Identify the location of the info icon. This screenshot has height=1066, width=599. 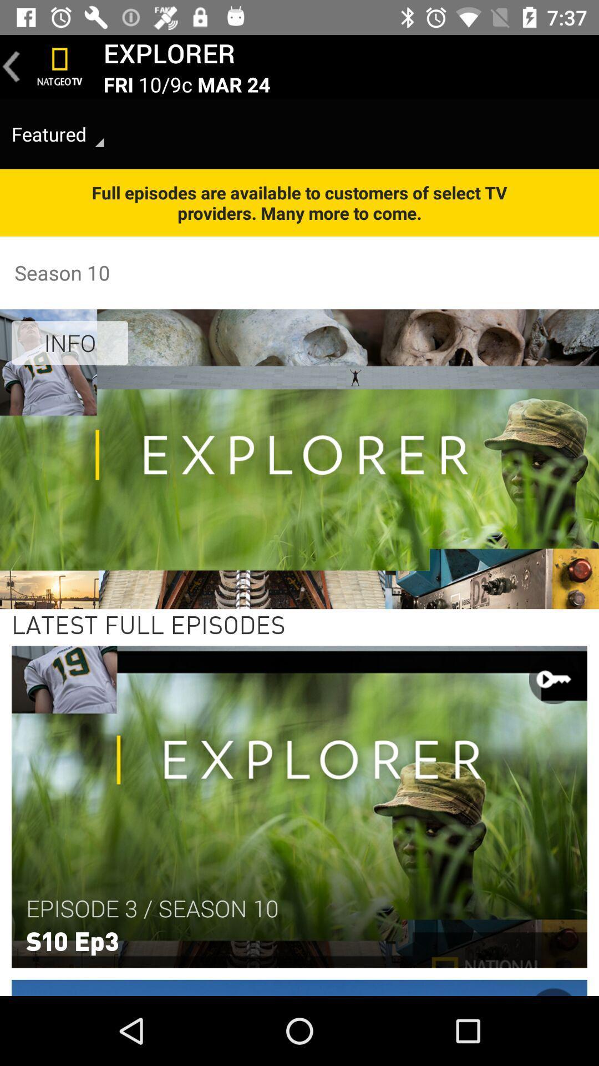
(70, 342).